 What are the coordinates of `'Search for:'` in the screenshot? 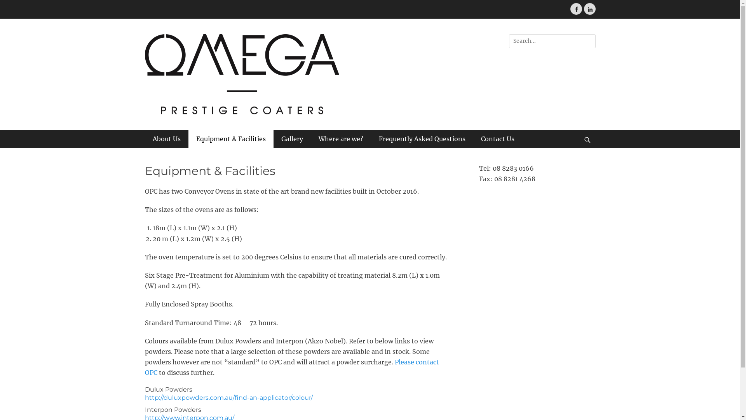 It's located at (552, 41).